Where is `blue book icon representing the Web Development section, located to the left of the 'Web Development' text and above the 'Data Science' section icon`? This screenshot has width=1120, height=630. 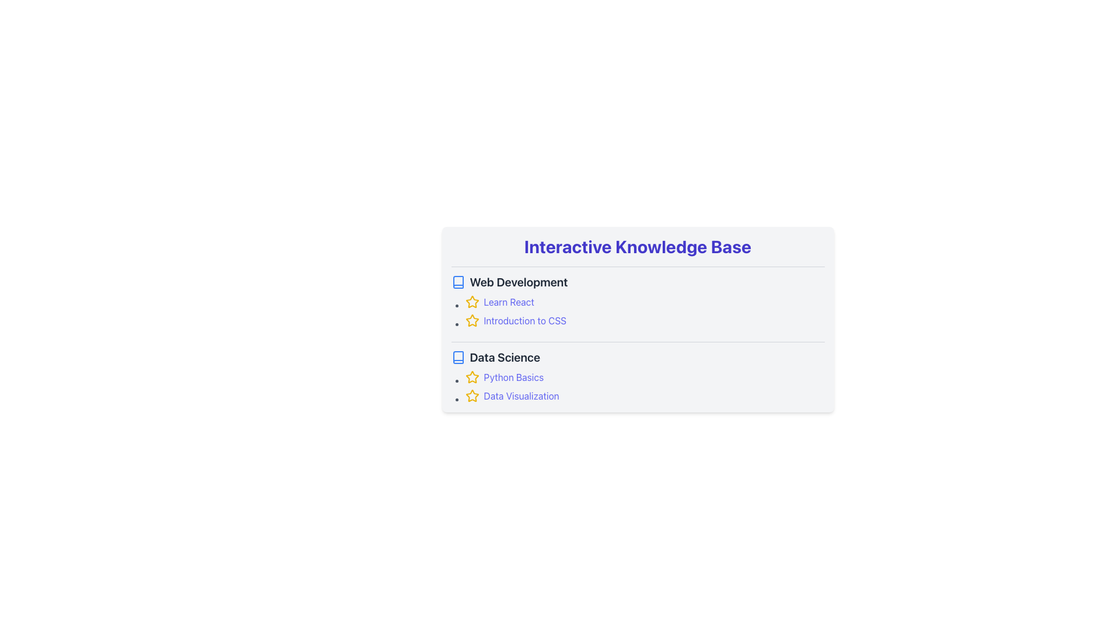 blue book icon representing the Web Development section, located to the left of the 'Web Development' text and above the 'Data Science' section icon is located at coordinates (457, 282).